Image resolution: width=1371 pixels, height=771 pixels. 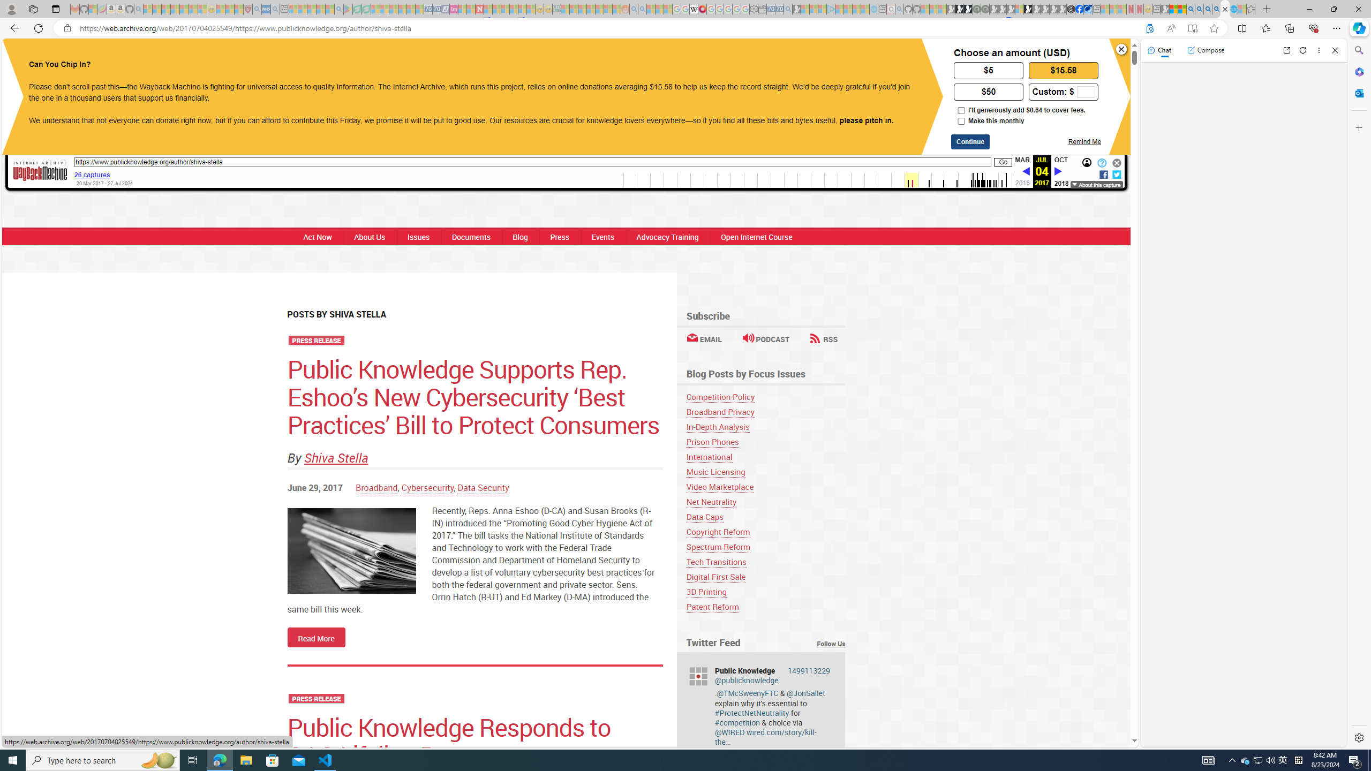 I want to click on 'Services - Maintenance | Sky Blue Bikes - Sky Blue Bikes', so click(x=1233, y=9).